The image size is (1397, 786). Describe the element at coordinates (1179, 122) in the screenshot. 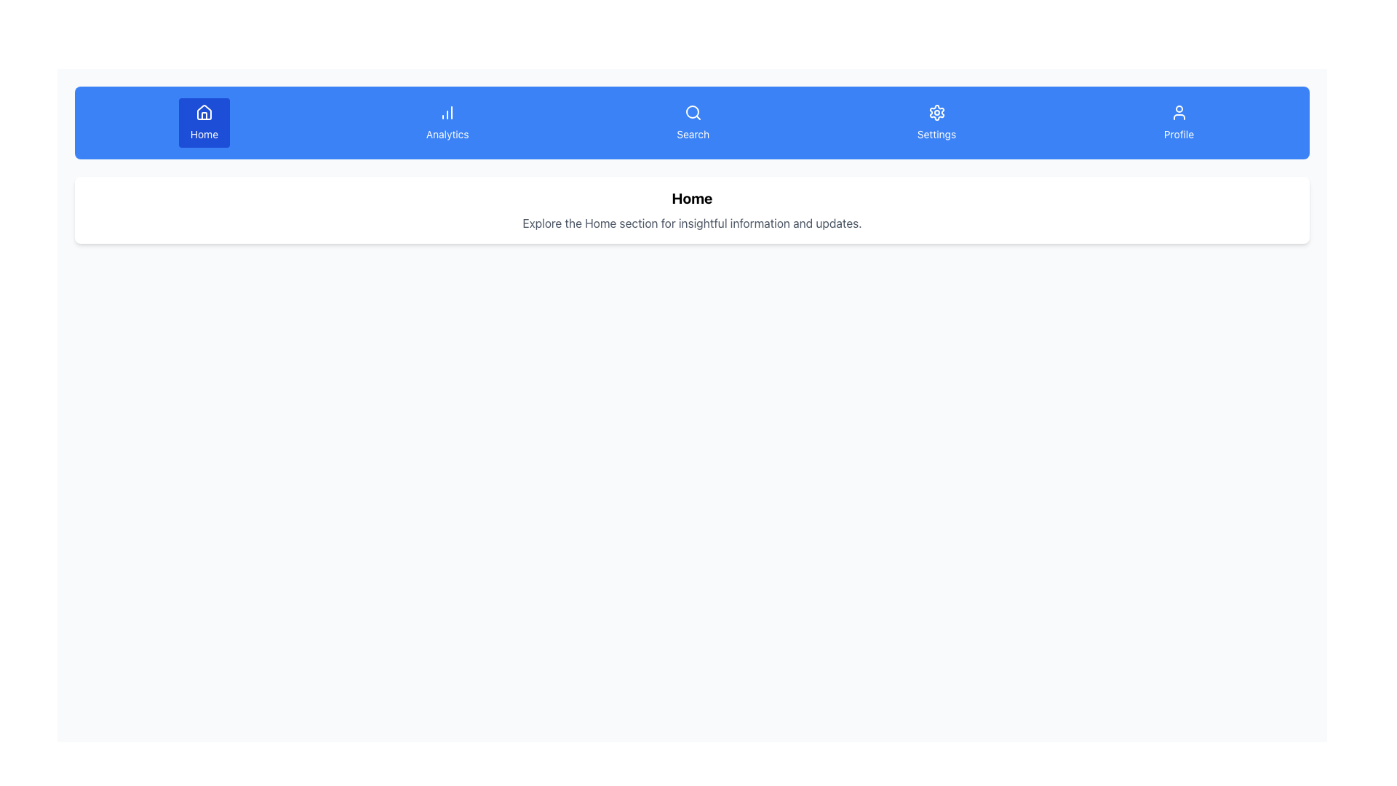

I see `the navigation button located at the far right of the horizontal row of options` at that location.